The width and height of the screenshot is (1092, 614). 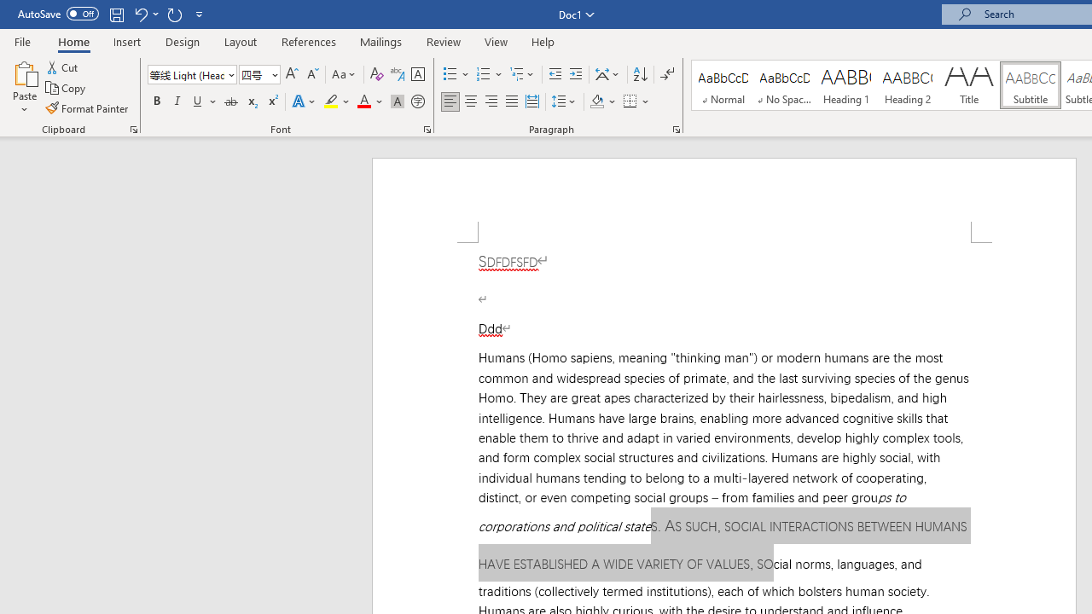 What do you see at coordinates (258, 73) in the screenshot?
I see `'Font Size'` at bounding box center [258, 73].